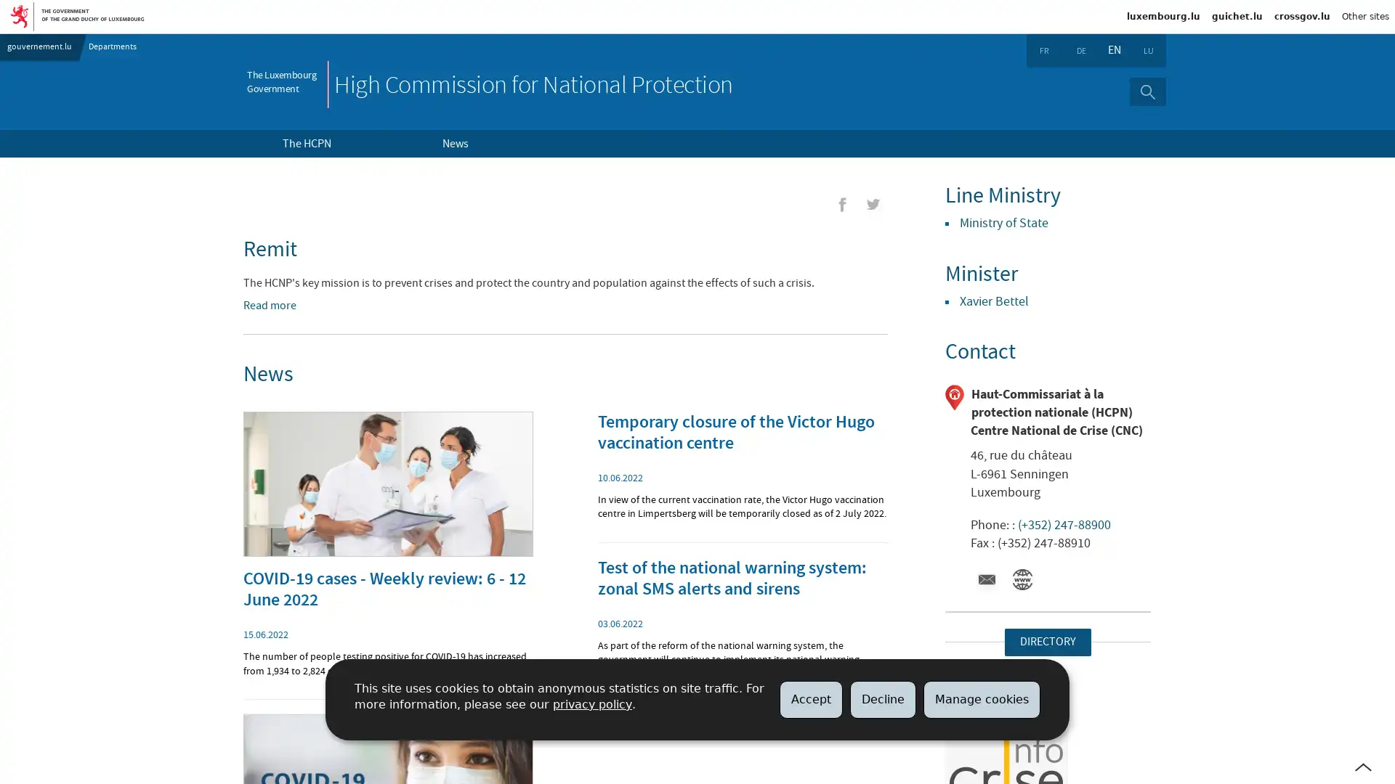 This screenshot has height=784, width=1395. What do you see at coordinates (882, 699) in the screenshot?
I see `Decline` at bounding box center [882, 699].